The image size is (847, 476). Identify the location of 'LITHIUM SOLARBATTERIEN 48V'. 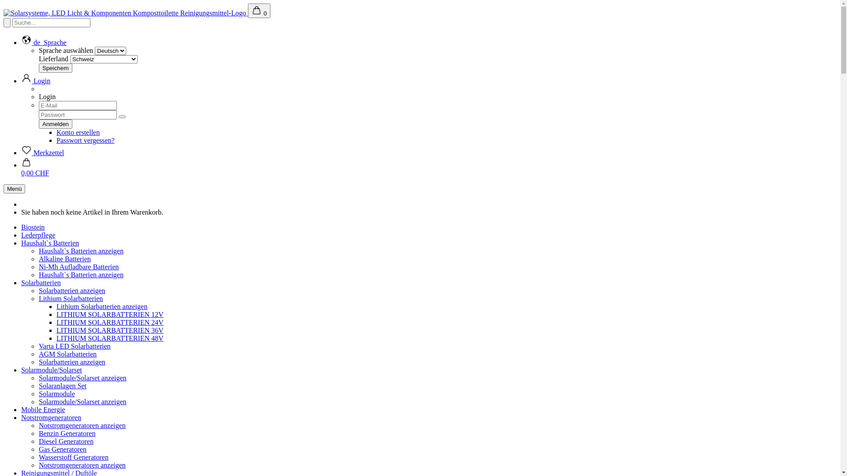
(56, 338).